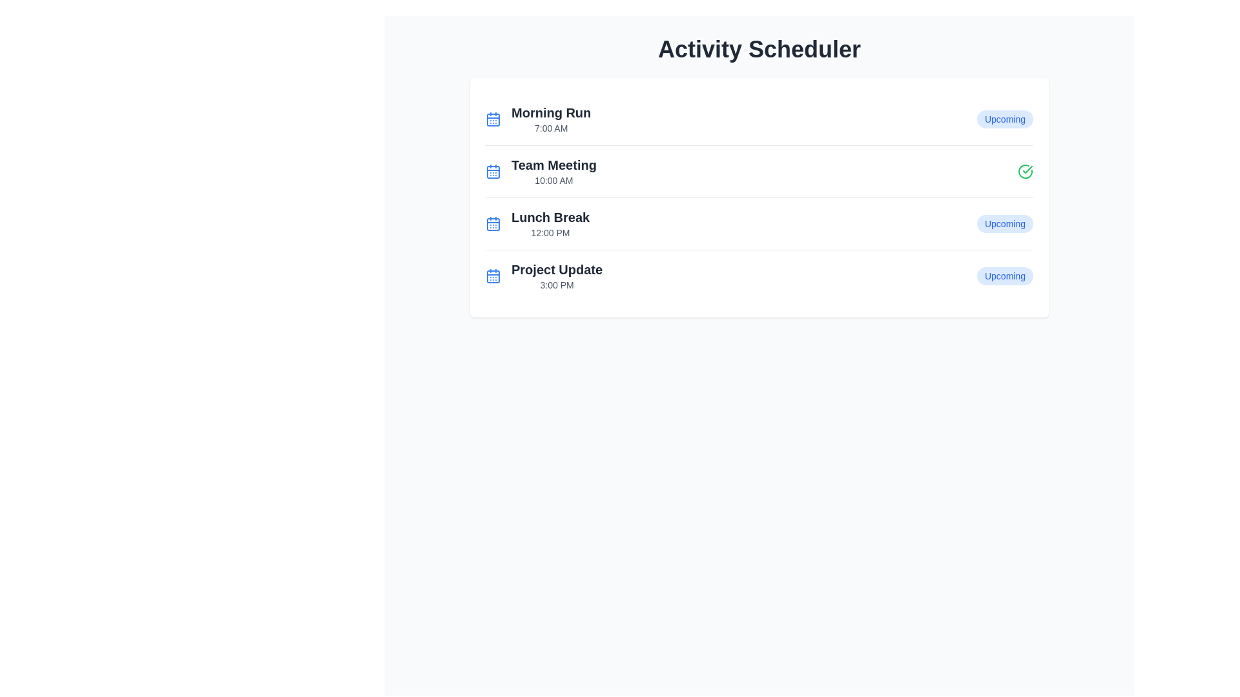  I want to click on the second event in the schedule list, titled 'Team Meeting', so click(541, 171).